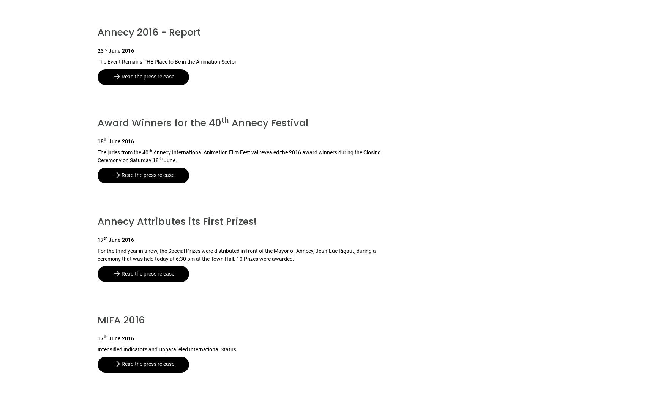 This screenshot has width=647, height=398. I want to click on 'The juries from the 40', so click(122, 152).